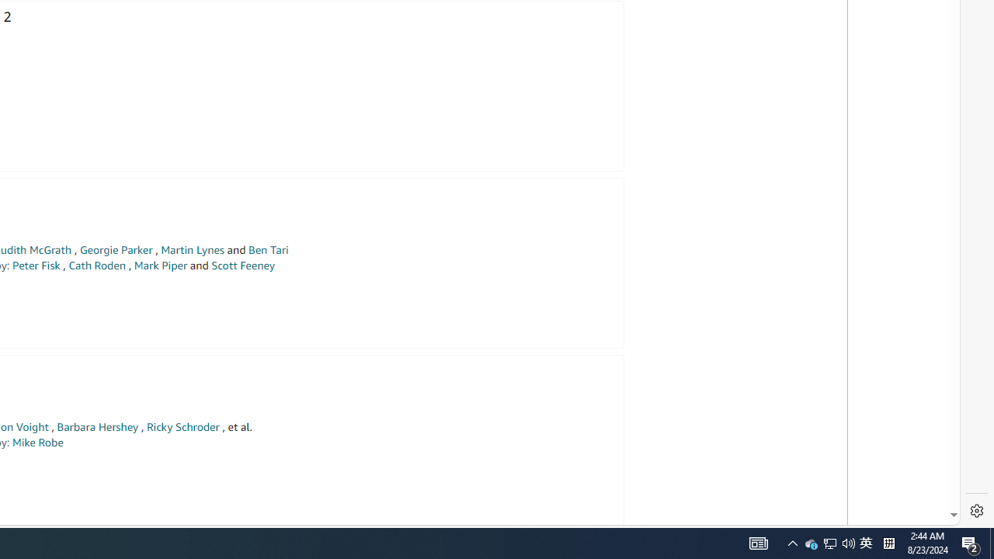  I want to click on 'Martin Lynes', so click(192, 249).